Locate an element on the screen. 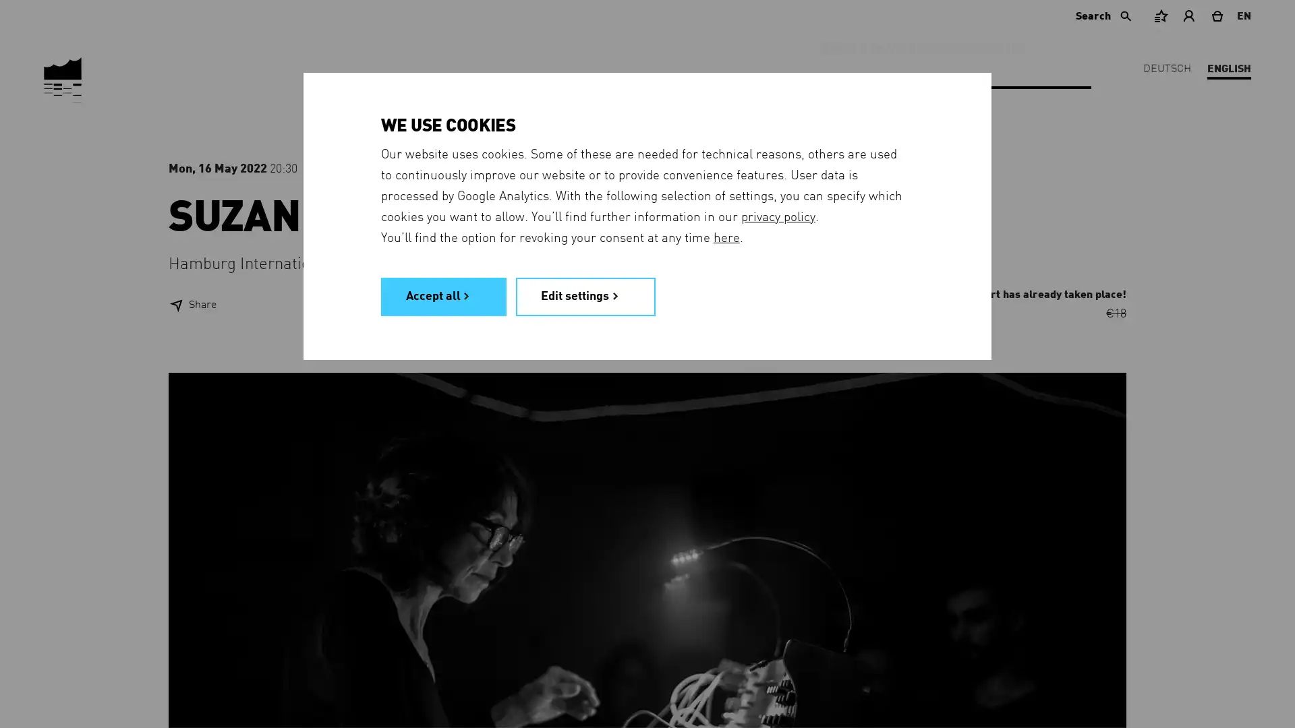 This screenshot has height=728, width=1295. Search is located at coordinates (1105, 16).